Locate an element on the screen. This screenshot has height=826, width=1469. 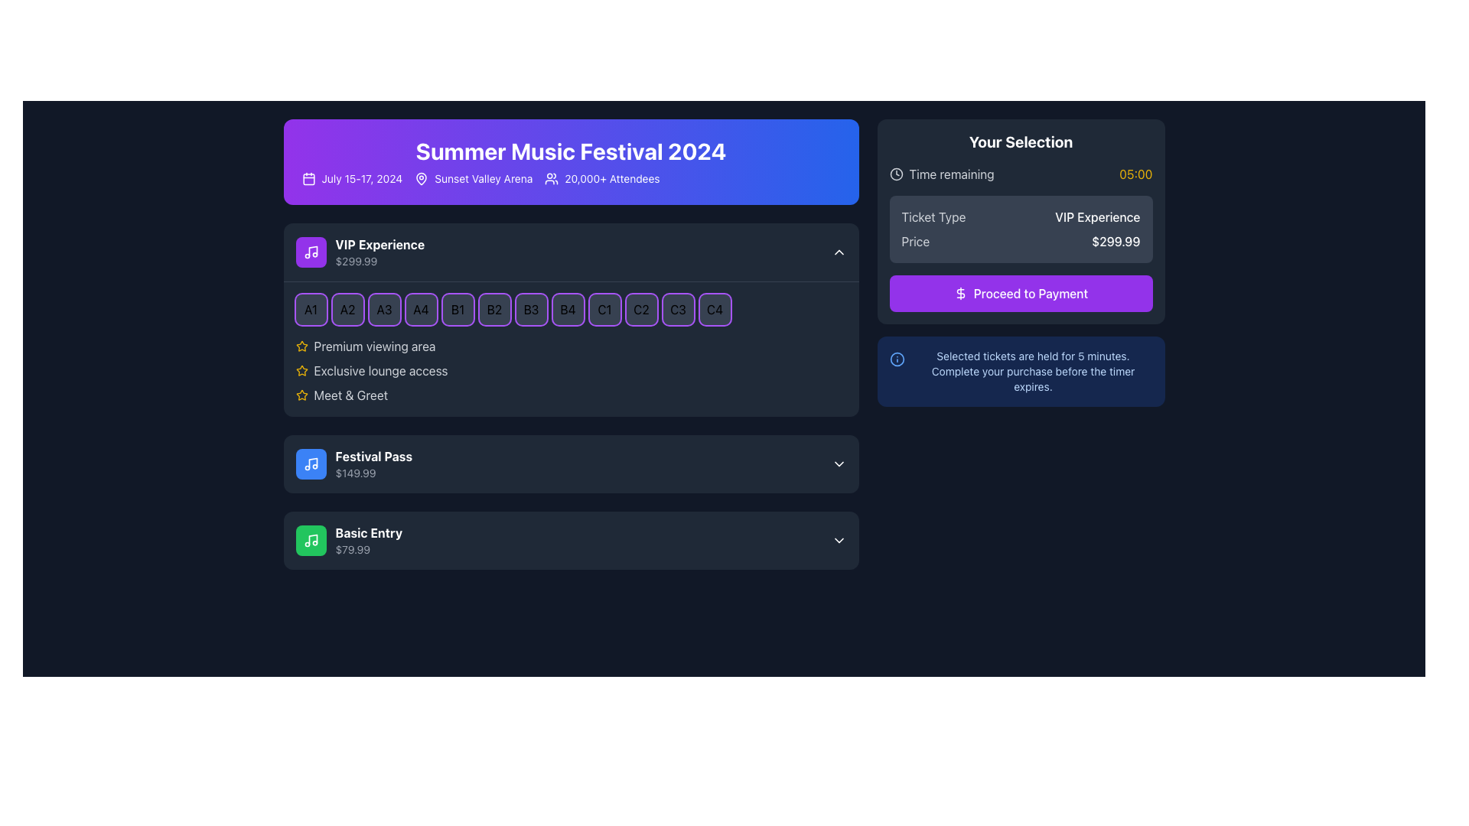
the user group icon located on the top banner, positioned to the right of 'Sunset Valley Arena' and to the left of '20,000+ Attendees' is located at coordinates (551, 178).